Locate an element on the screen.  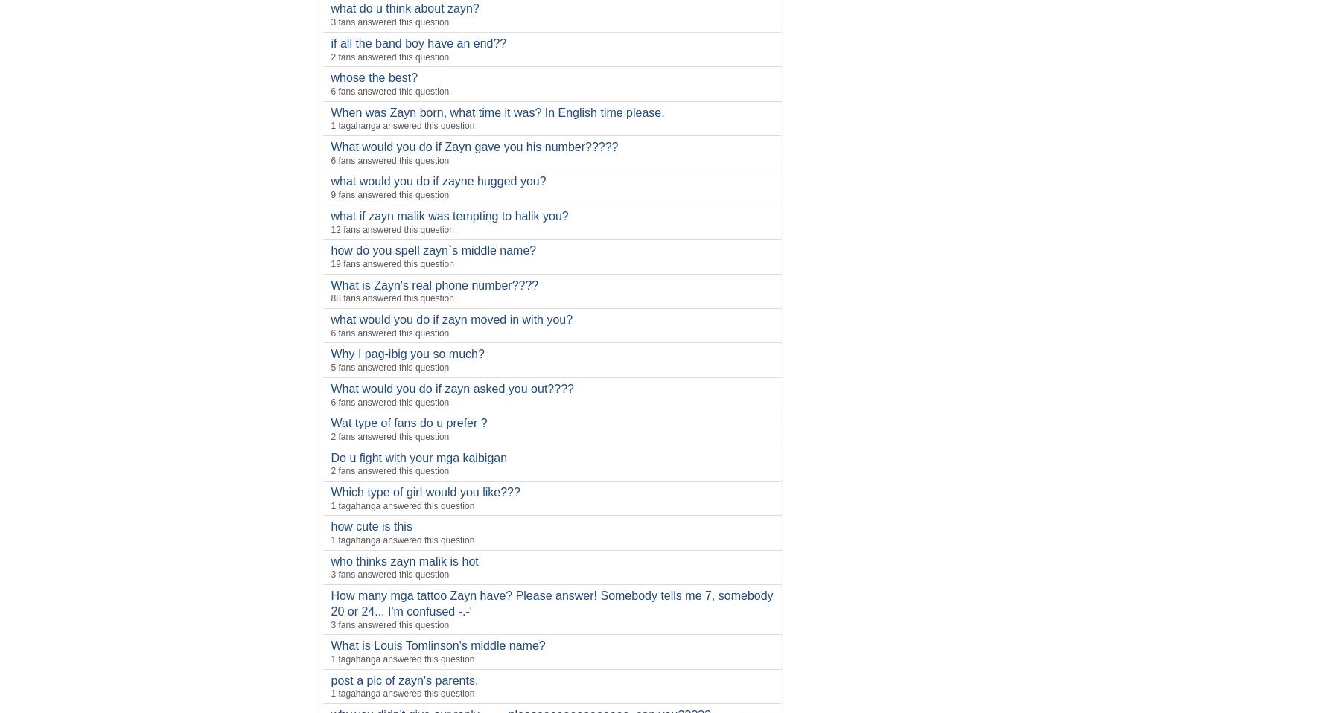
'what do u think about zayn?' is located at coordinates (404, 7).